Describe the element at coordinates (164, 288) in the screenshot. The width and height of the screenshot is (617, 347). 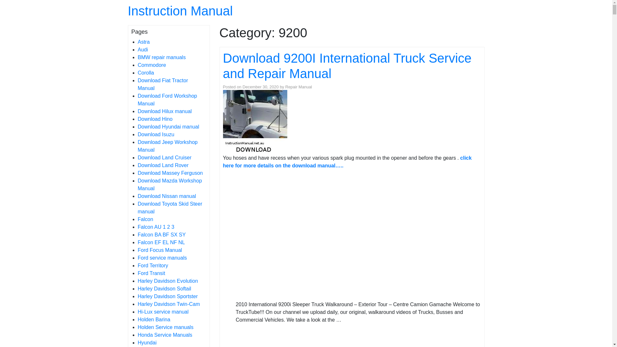
I see `'Harley Davidson Softail'` at that location.